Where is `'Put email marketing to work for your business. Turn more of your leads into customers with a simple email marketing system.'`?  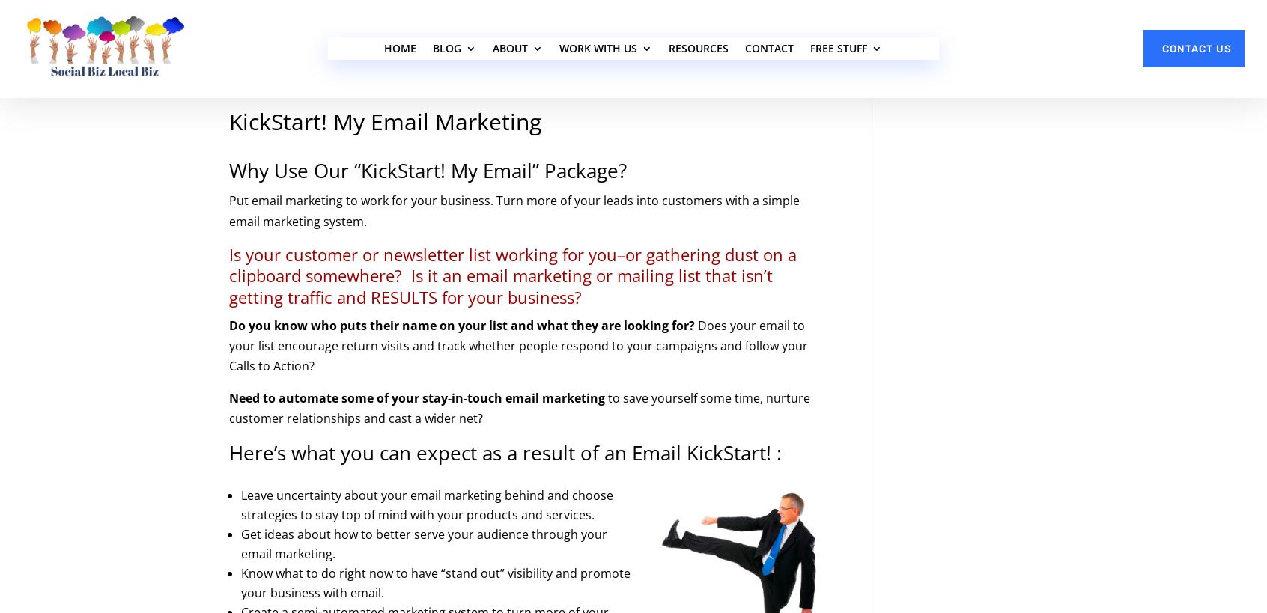
'Put email marketing to work for your business. Turn more of your leads into customers with a simple email marketing system.' is located at coordinates (514, 210).